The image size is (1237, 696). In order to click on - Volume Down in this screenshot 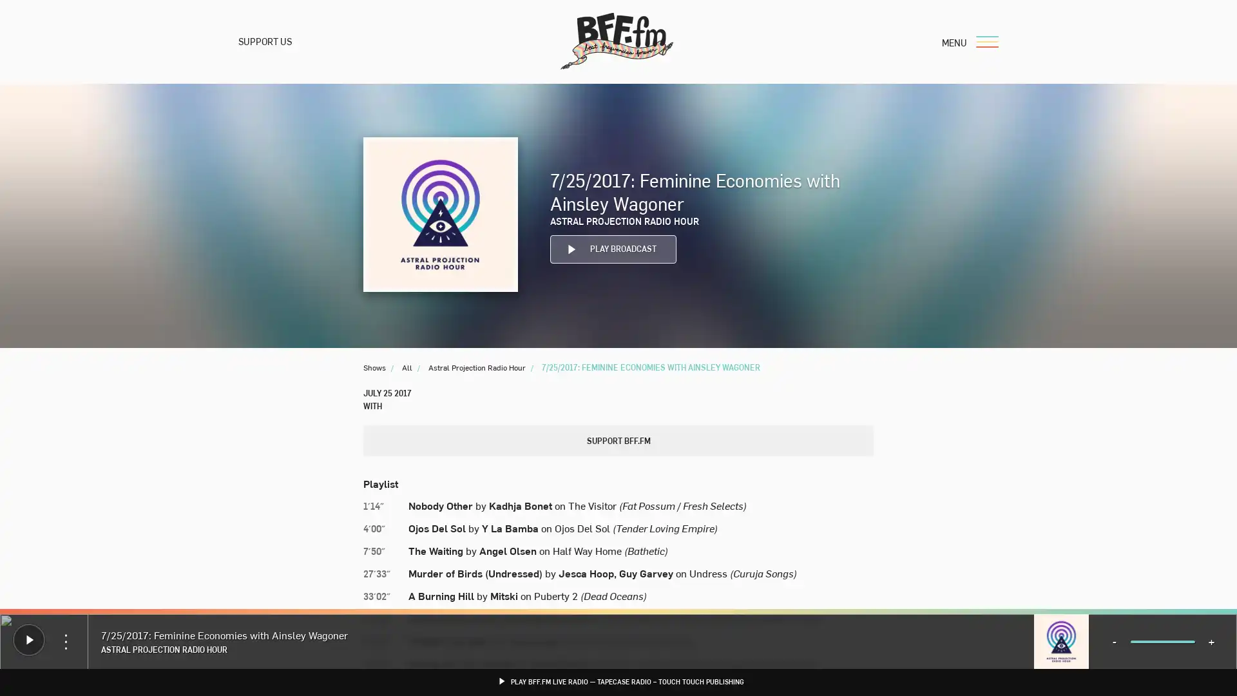, I will do `click(1113, 641)`.